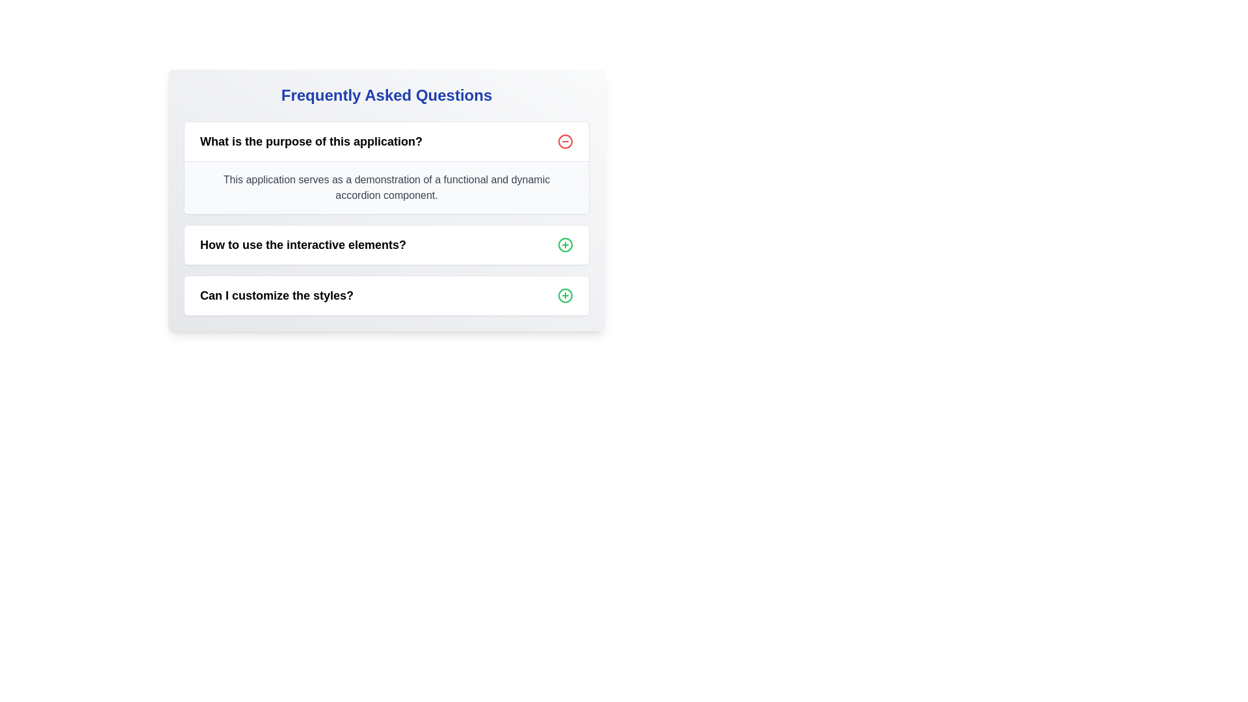 The height and width of the screenshot is (702, 1248). I want to click on the FAQ section title label that introduces the following explanation or content, located at the top of the FAQ section, centered horizontally, so click(311, 142).